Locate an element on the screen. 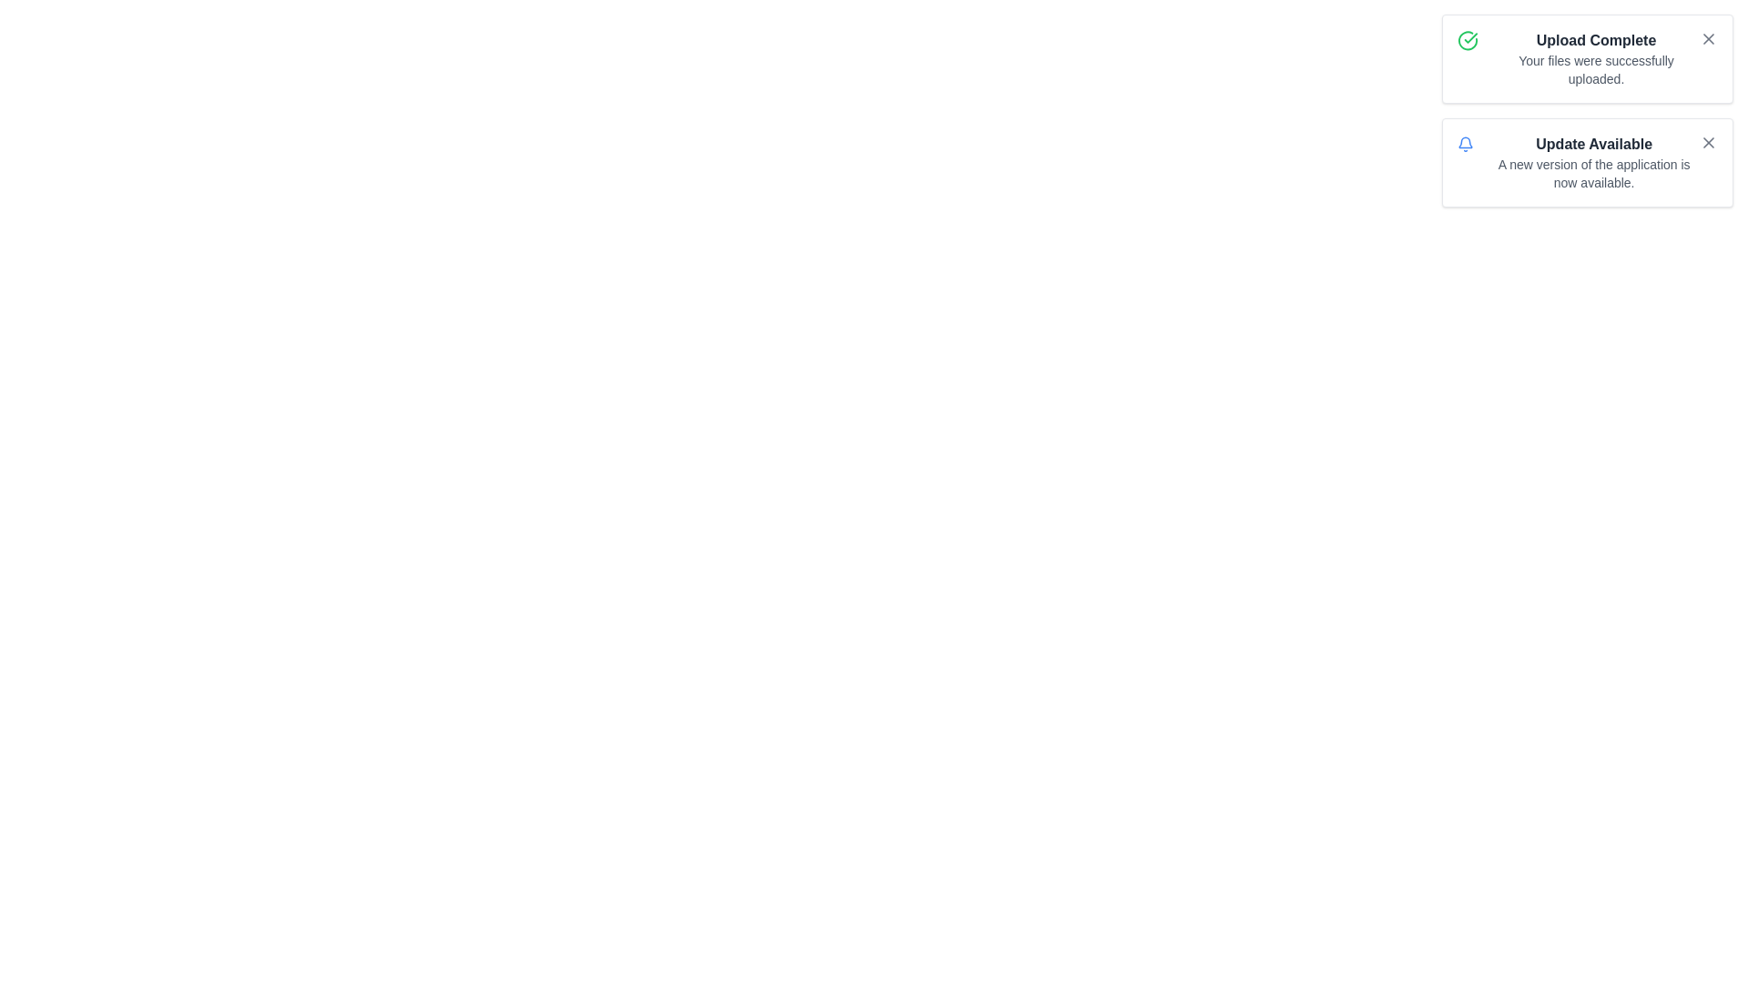 This screenshot has width=1748, height=983. informational text label located below the 'Update Available' title in the notification area of the interface is located at coordinates (1593, 174).